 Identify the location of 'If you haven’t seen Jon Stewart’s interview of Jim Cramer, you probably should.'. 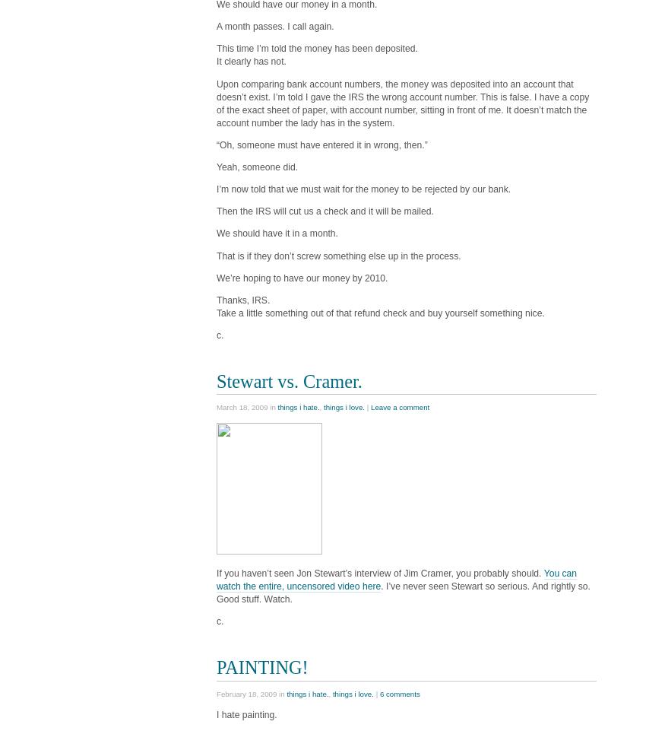
(379, 573).